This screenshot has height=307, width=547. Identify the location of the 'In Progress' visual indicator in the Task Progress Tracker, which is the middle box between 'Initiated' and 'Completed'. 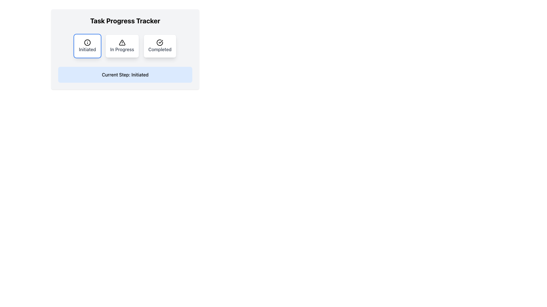
(122, 46).